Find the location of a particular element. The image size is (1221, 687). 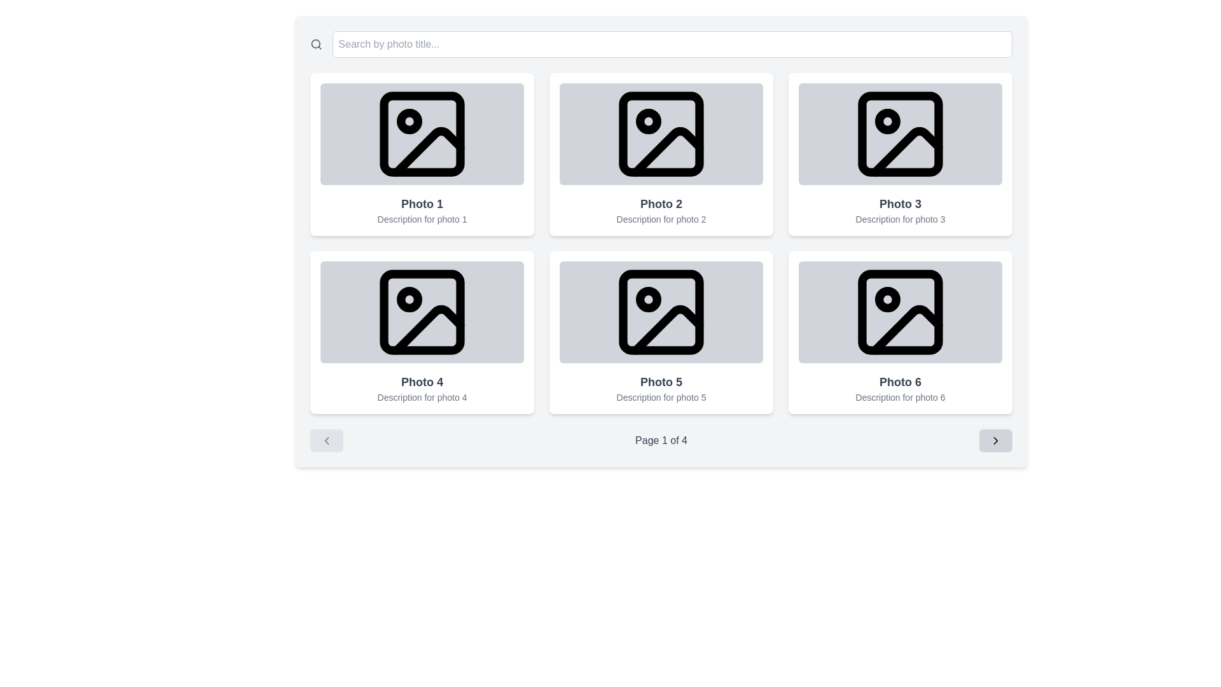

the Card component representing 'Photo 6' in the photo gallery is located at coordinates (900, 332).